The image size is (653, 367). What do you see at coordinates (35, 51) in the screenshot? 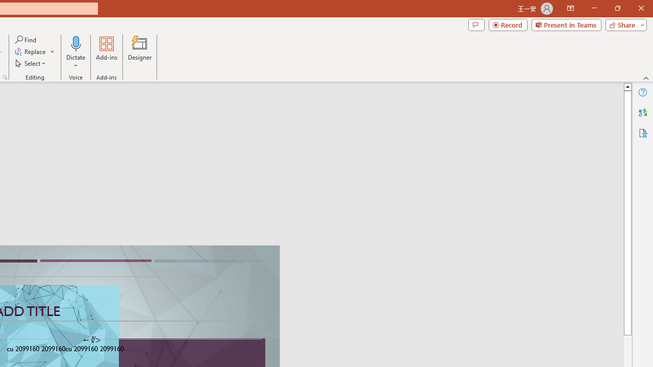
I see `'Replace...'` at bounding box center [35, 51].